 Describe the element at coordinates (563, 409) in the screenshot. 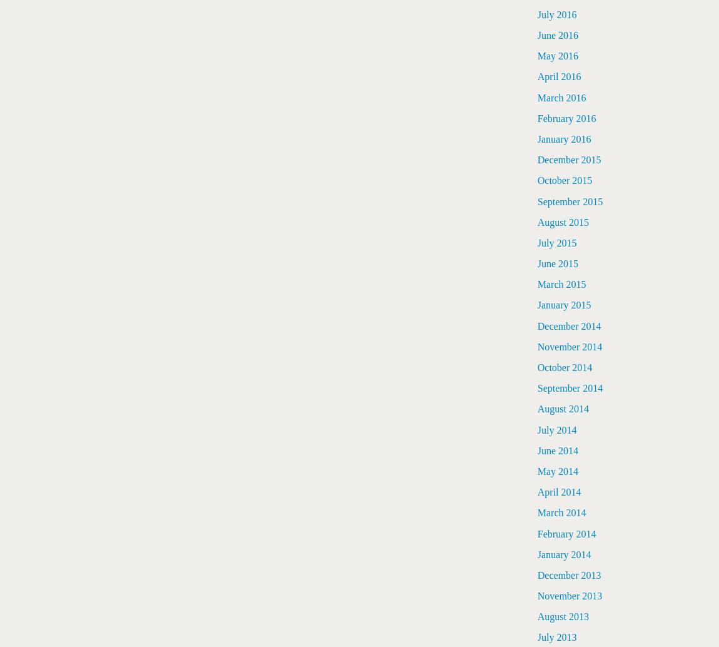

I see `'August 2014'` at that location.